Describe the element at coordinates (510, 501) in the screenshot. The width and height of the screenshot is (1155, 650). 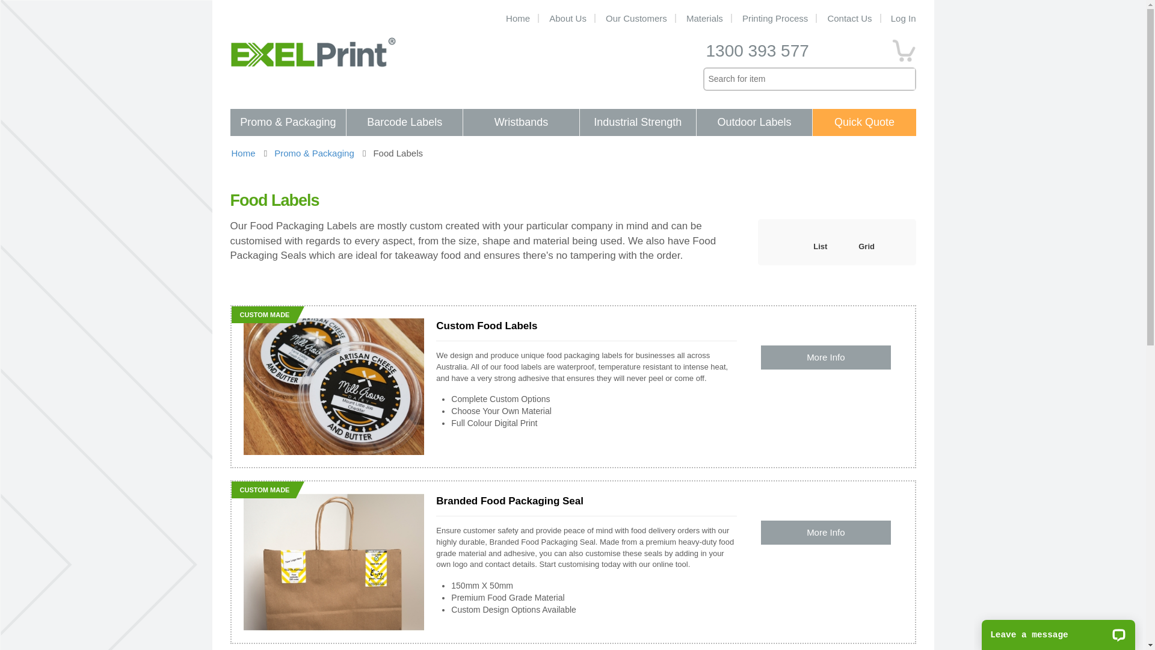
I see `'Branded Food Packaging Seal'` at that location.